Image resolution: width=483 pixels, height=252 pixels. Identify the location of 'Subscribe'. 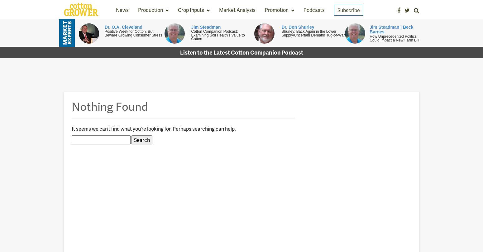
(337, 10).